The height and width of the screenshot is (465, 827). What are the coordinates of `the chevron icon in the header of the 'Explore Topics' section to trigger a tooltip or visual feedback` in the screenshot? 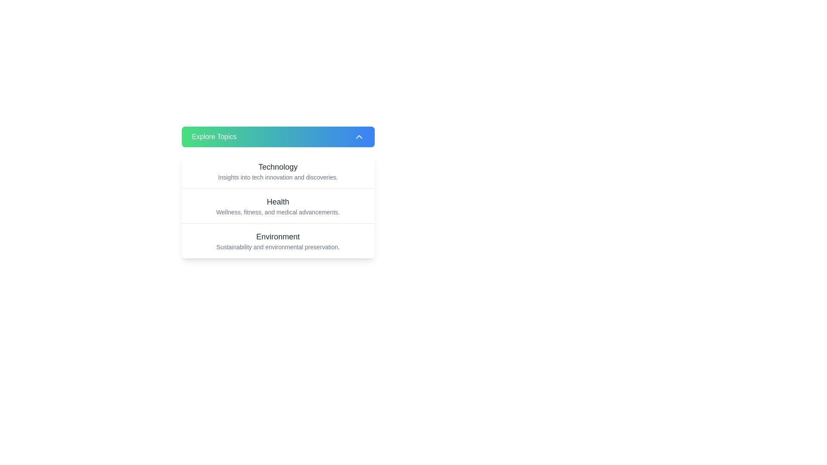 It's located at (359, 136).